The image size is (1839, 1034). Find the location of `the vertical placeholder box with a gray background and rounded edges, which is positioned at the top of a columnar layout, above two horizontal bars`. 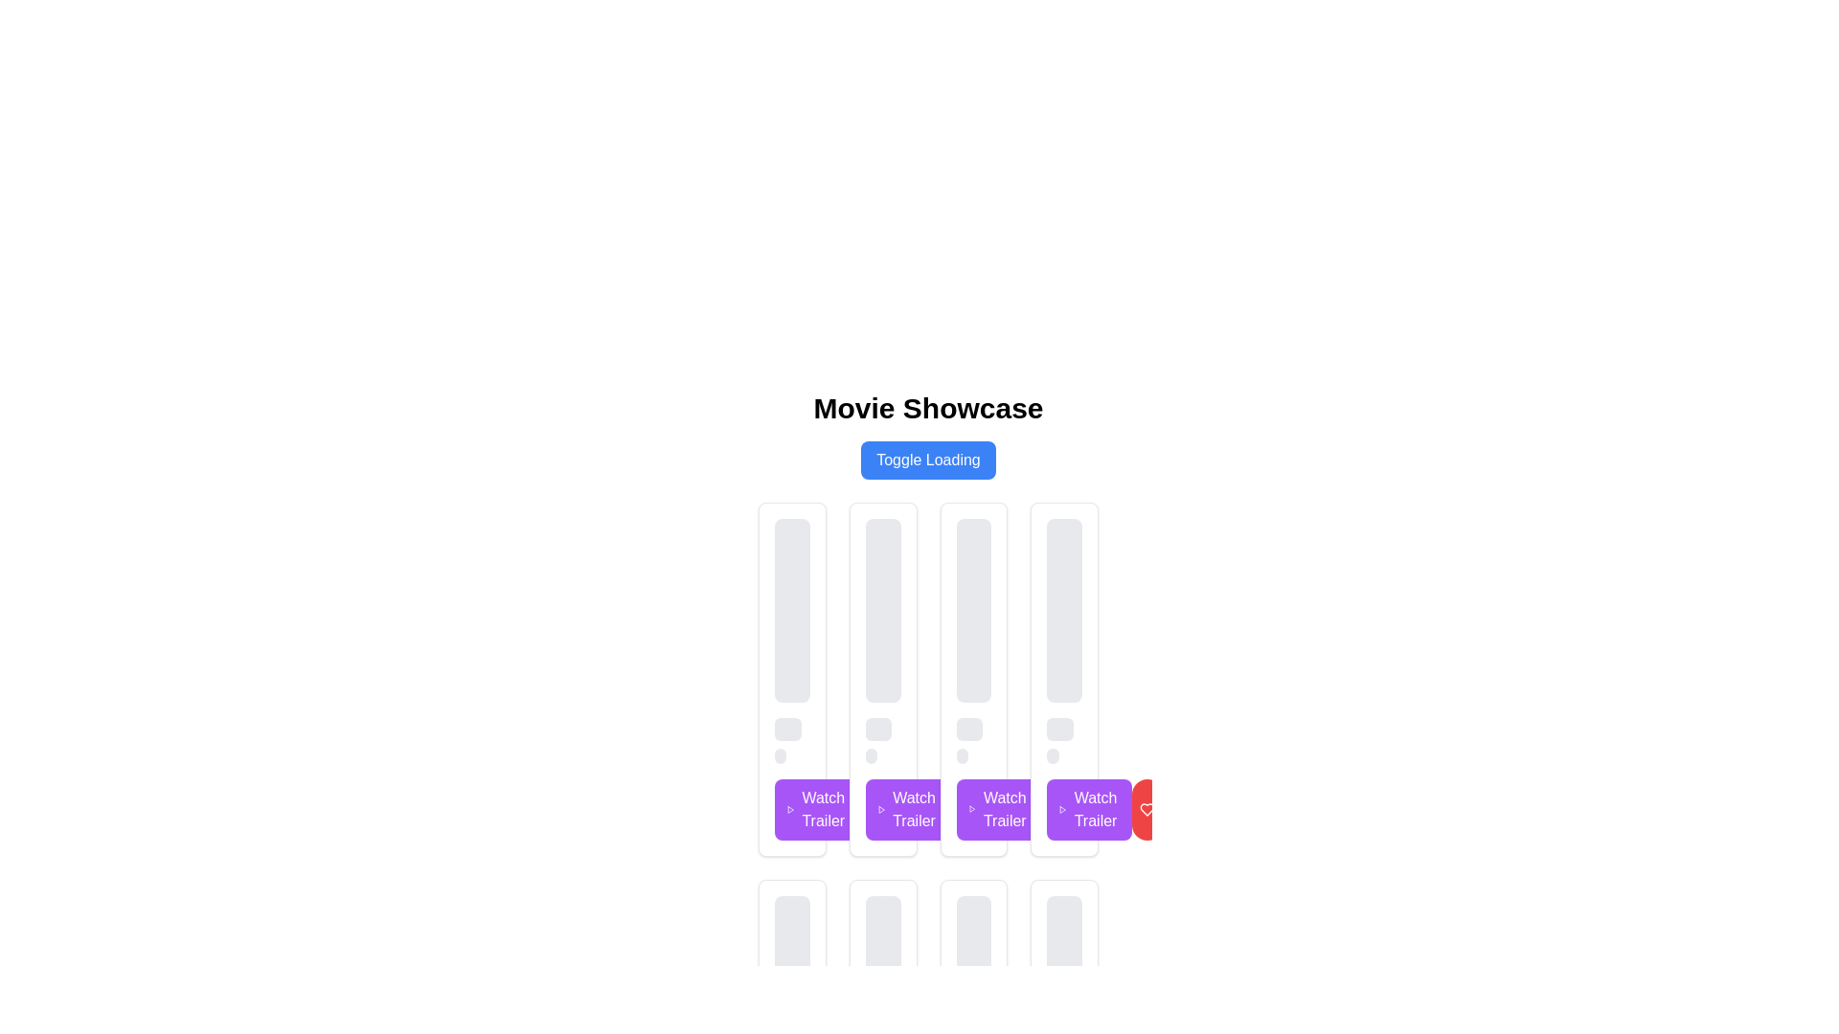

the vertical placeholder box with a gray background and rounded edges, which is positioned at the top of a columnar layout, above two horizontal bars is located at coordinates (1063, 610).